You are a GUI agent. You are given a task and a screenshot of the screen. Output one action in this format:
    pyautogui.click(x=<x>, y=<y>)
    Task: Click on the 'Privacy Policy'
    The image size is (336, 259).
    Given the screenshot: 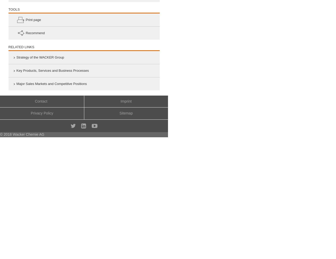 What is the action you would take?
    pyautogui.click(x=41, y=113)
    